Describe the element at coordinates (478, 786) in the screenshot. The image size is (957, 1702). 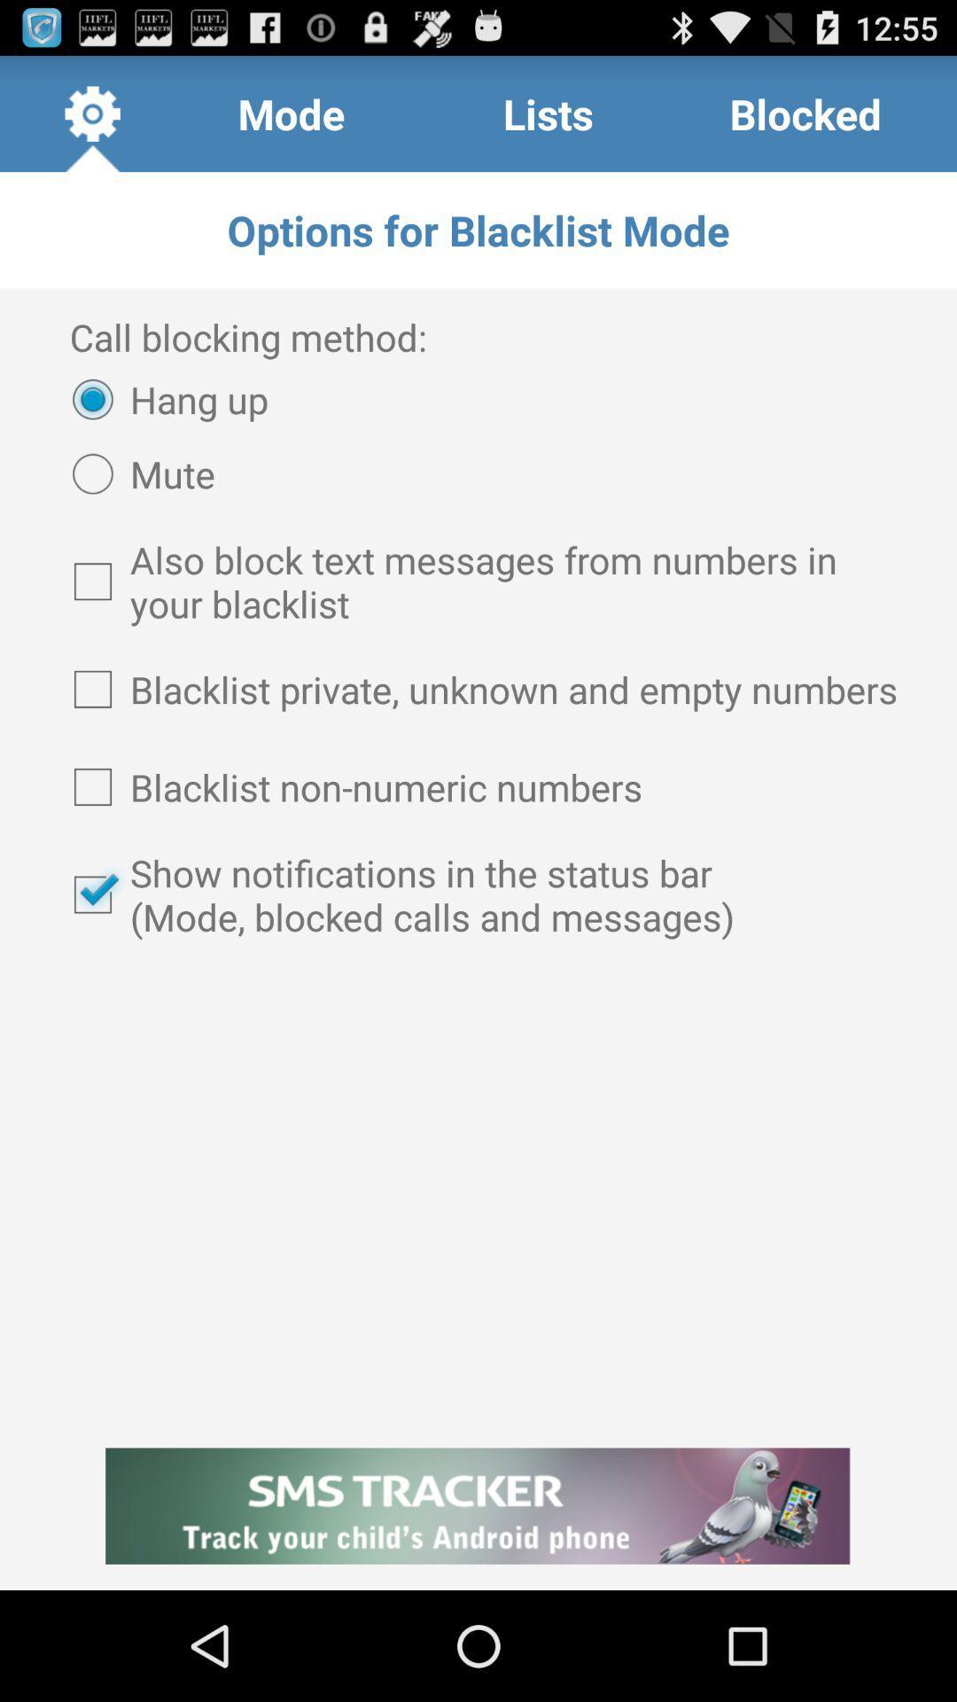
I see `blacklist non numeric item` at that location.